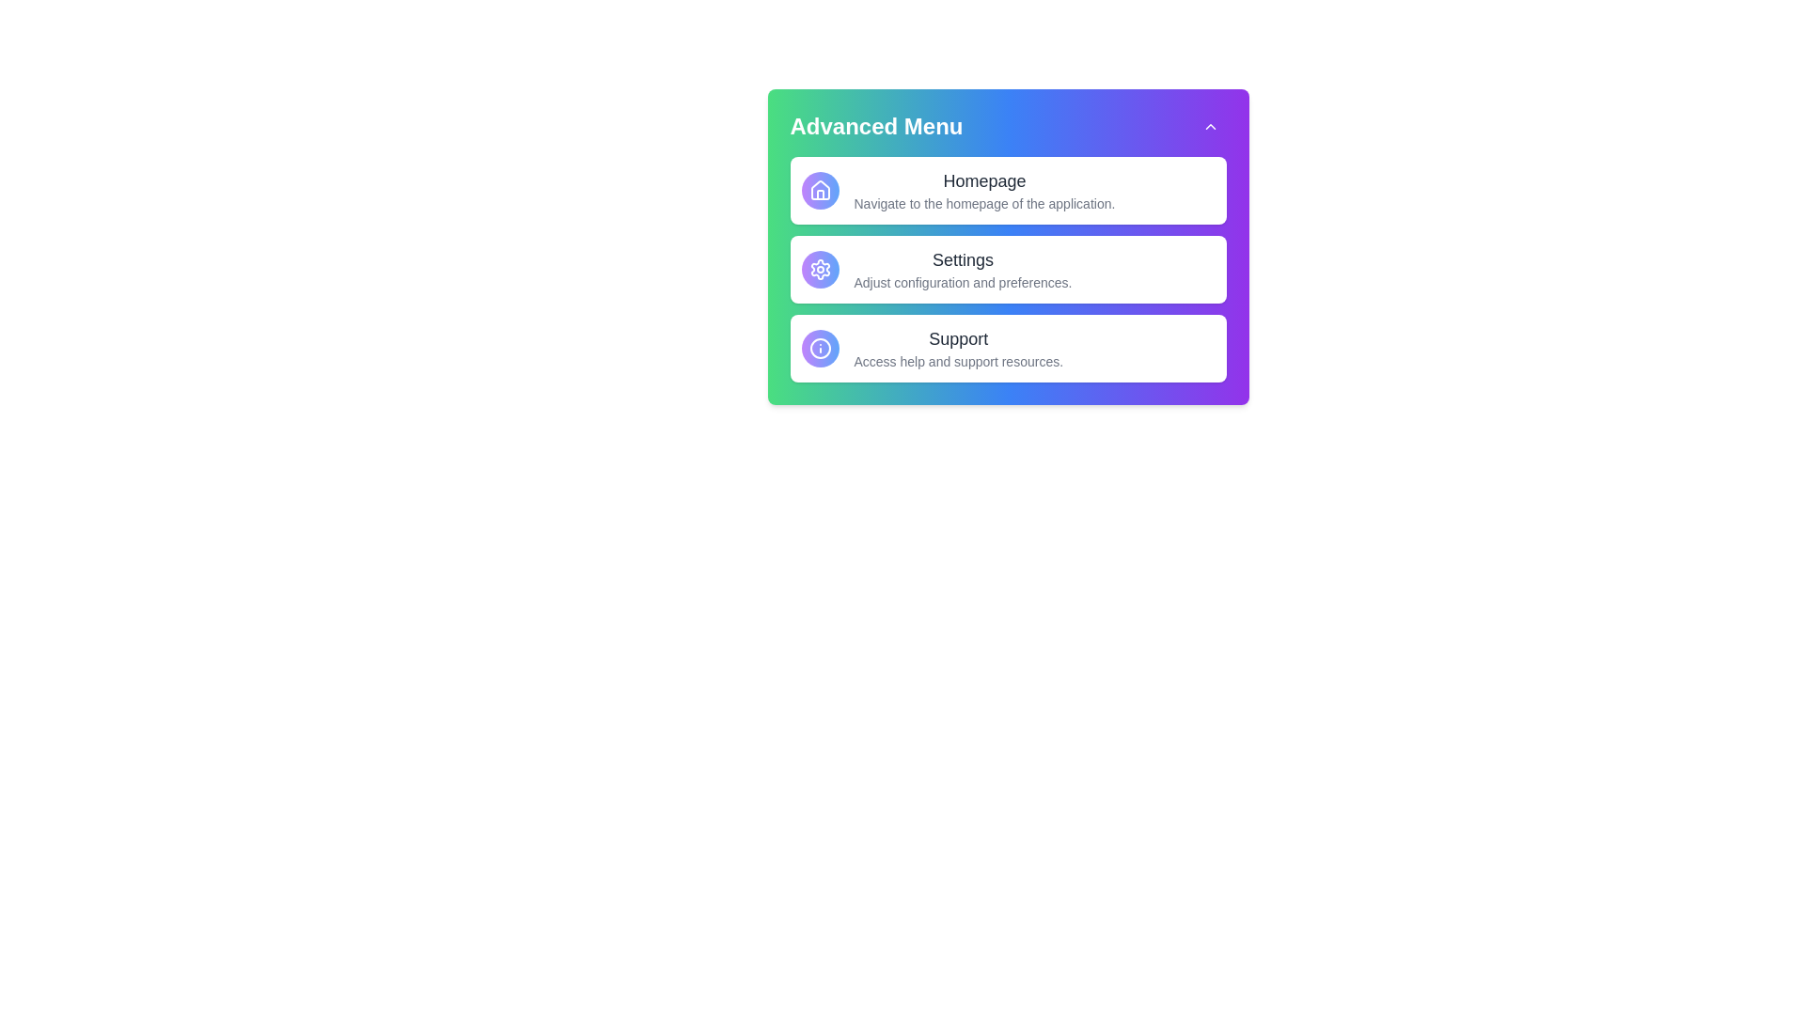 This screenshot has height=1015, width=1805. What do you see at coordinates (1210, 127) in the screenshot?
I see `the collapse/expand button to toggle the menu visibility` at bounding box center [1210, 127].